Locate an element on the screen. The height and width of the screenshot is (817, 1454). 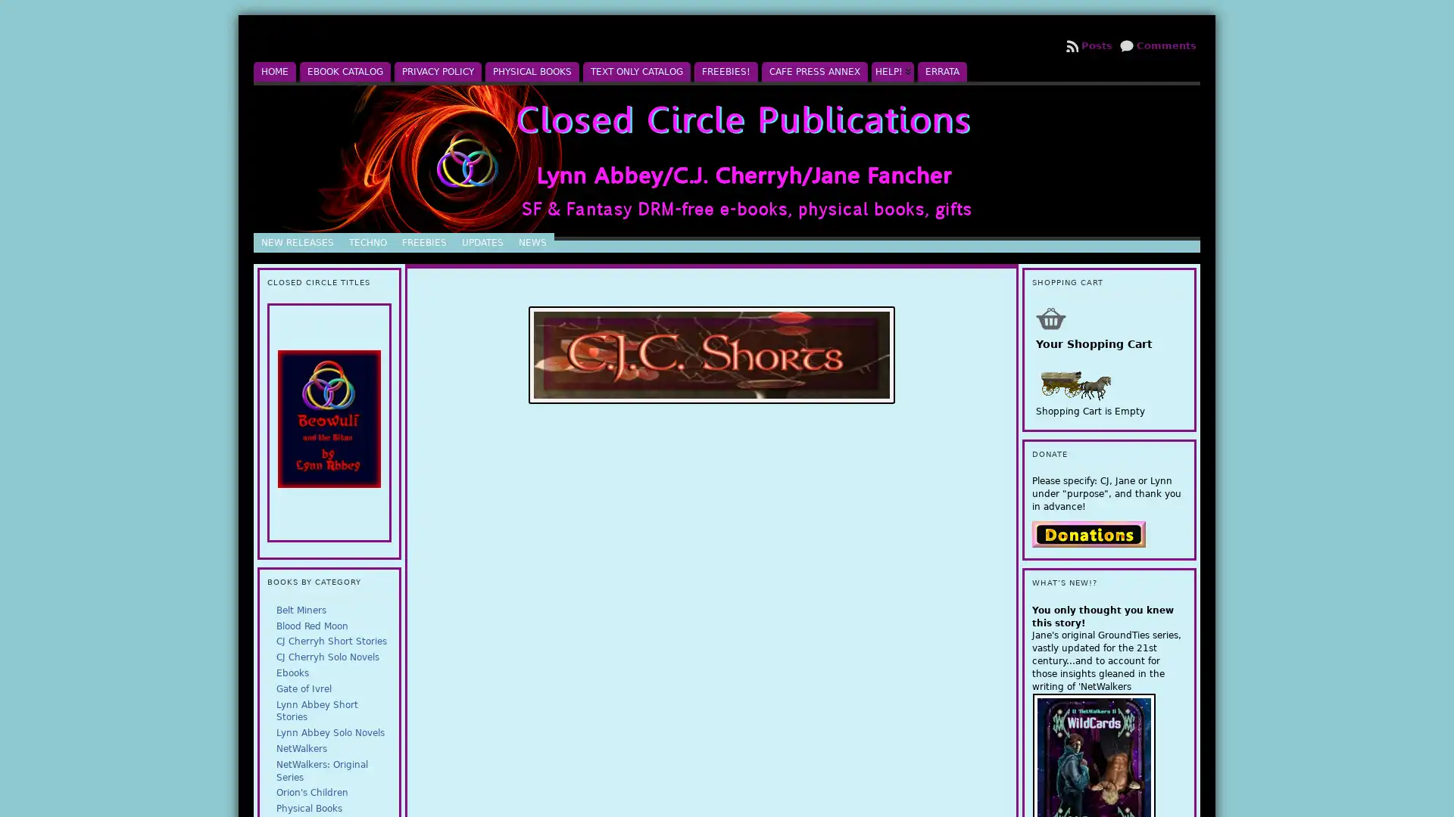
Shopping Cart is located at coordinates (1050, 317).